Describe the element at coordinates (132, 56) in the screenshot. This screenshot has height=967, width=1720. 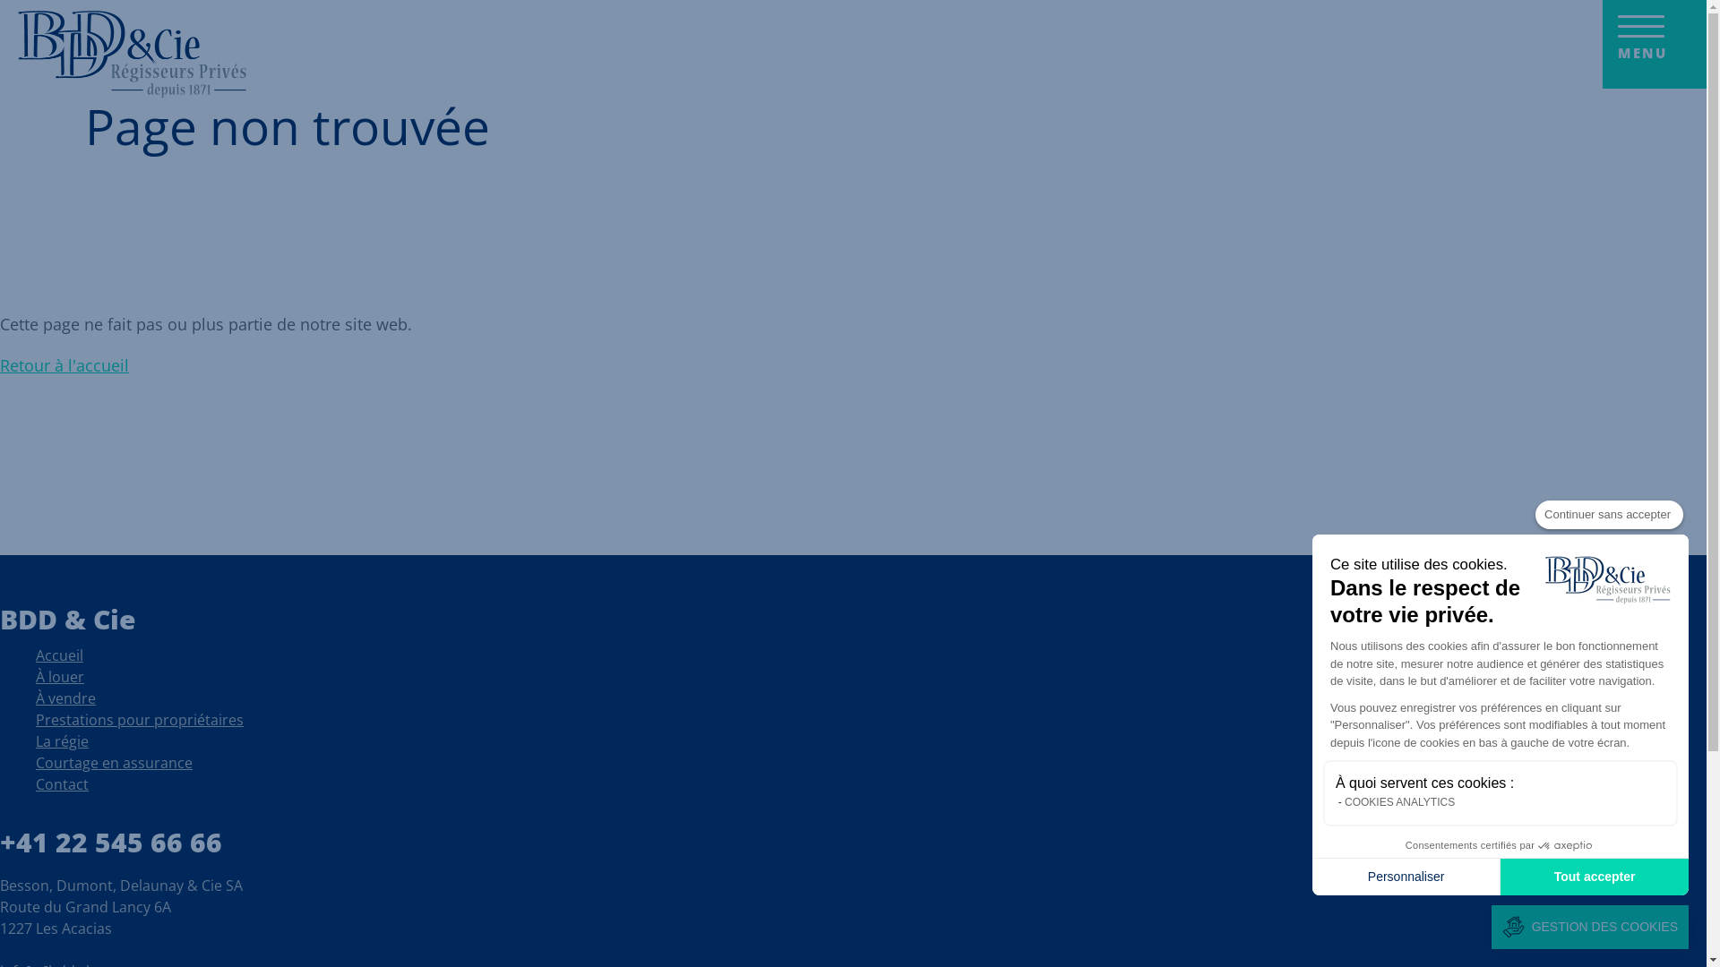
I see `'Accueil'` at that location.